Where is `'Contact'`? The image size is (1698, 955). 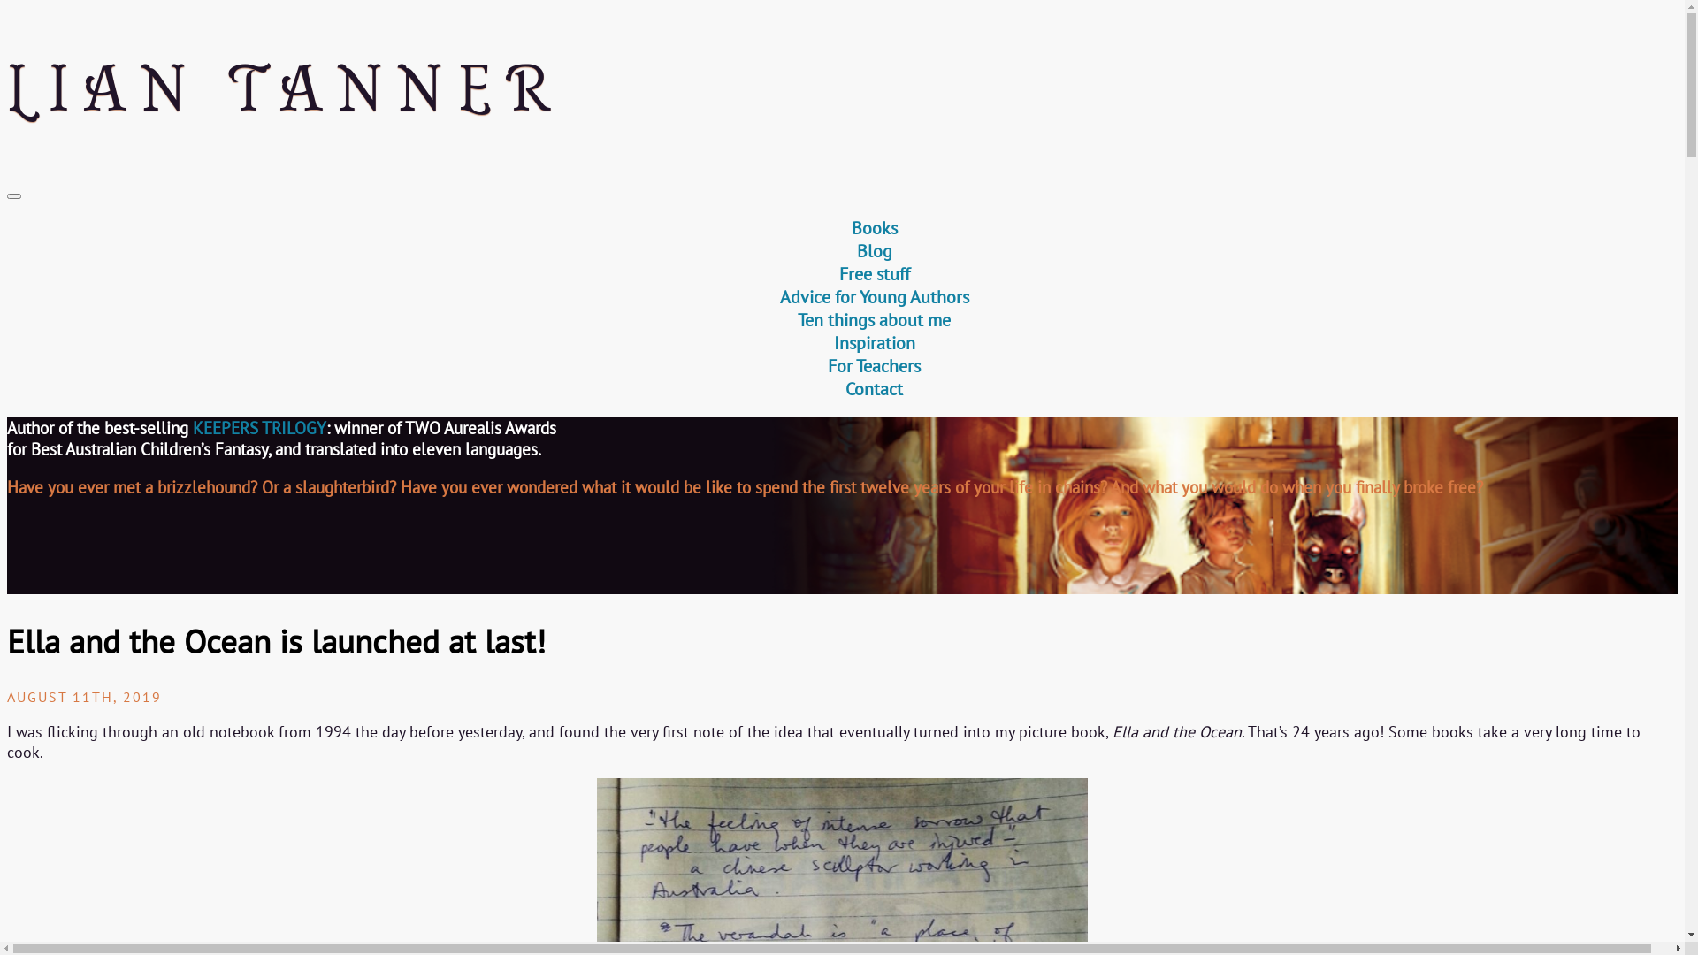
'Contact' is located at coordinates (874, 387).